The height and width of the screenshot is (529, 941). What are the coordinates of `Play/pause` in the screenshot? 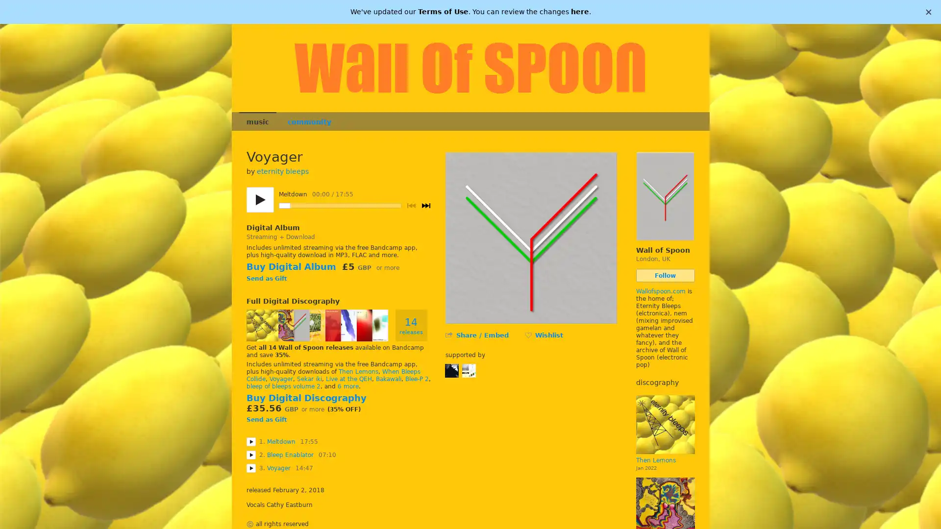 It's located at (259, 199).